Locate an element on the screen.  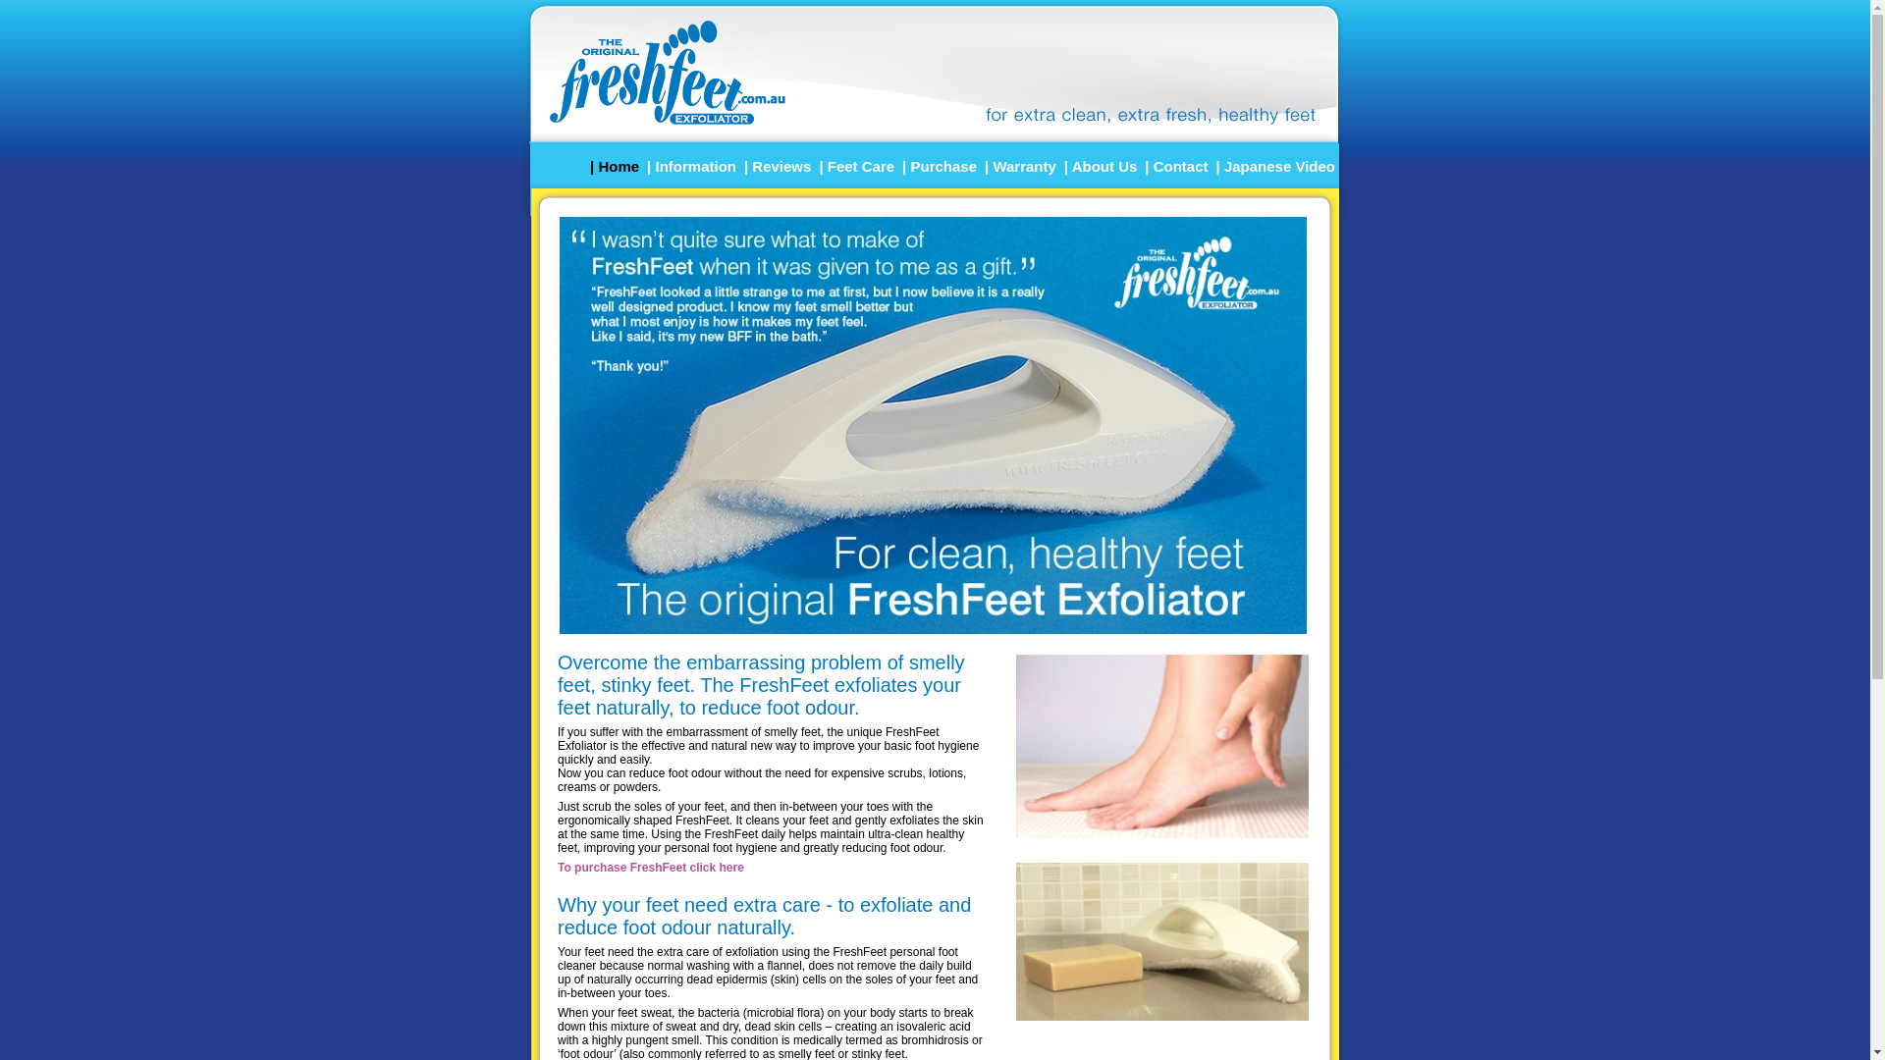
'To purchase FreshFeet click here' is located at coordinates (650, 866).